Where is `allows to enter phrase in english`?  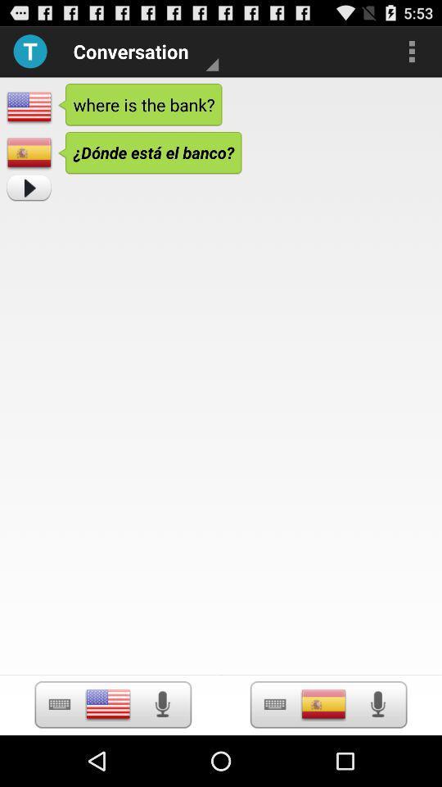
allows to enter phrase in english is located at coordinates (108, 703).